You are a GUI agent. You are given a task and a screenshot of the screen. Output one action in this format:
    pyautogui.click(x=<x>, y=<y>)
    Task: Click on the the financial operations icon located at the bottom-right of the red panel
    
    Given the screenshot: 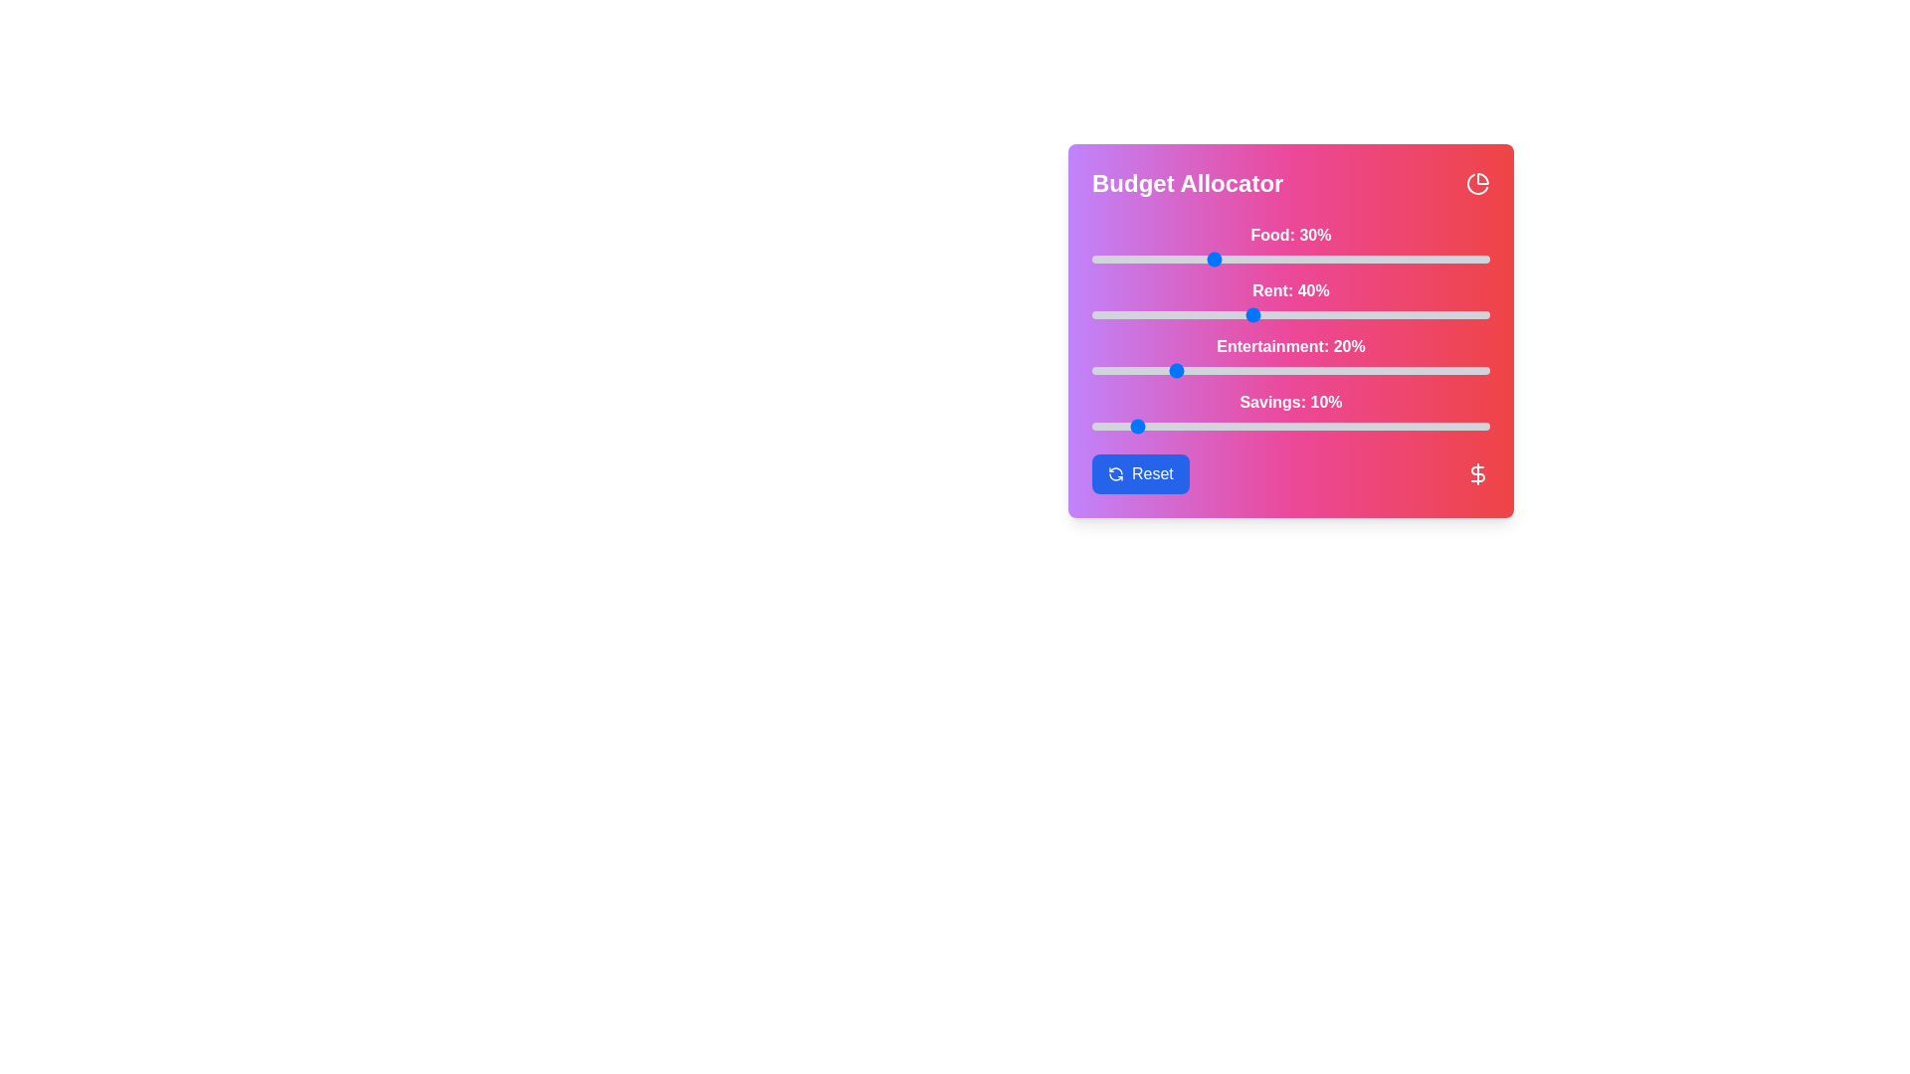 What is the action you would take?
    pyautogui.click(x=1478, y=474)
    